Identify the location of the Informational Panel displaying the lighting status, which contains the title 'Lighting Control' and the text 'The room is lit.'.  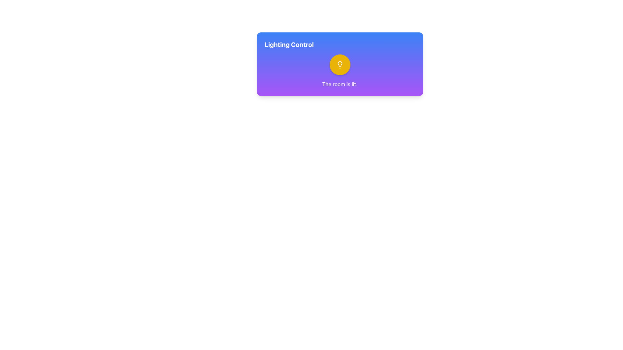
(339, 64).